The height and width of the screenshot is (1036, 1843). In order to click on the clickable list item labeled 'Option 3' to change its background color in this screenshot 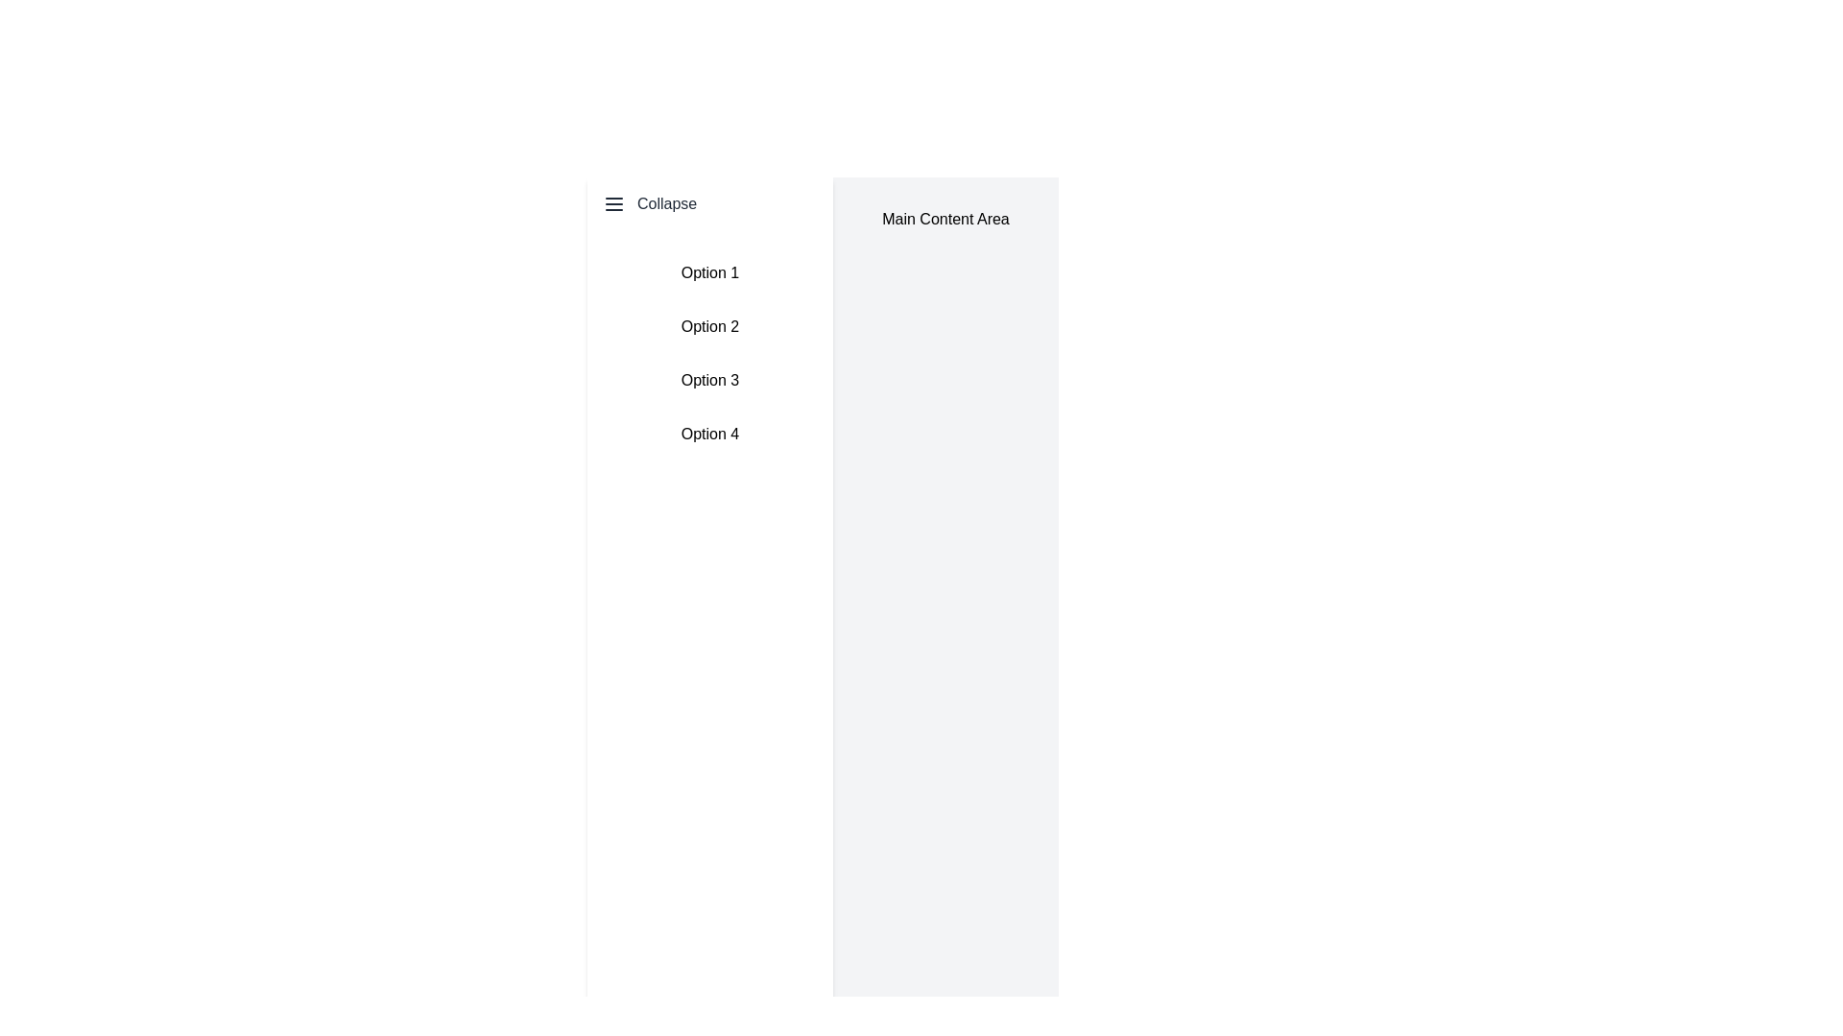, I will do `click(708, 381)`.